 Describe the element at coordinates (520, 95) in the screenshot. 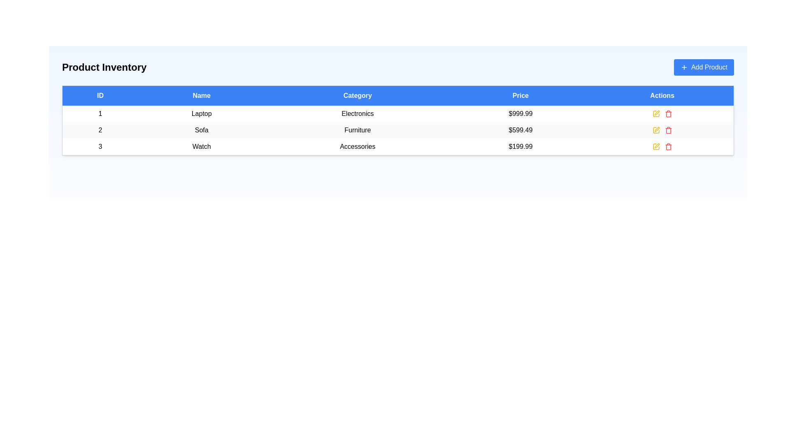

I see `the 'Price' table header cell, which is the fourth column in the header row of the table, distinguished by its blue background and white text` at that location.